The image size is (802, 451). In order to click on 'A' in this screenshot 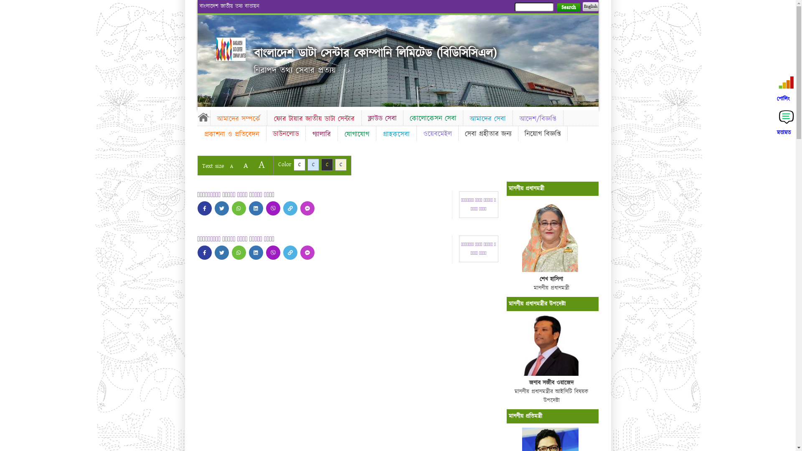, I will do `click(231, 166)`.